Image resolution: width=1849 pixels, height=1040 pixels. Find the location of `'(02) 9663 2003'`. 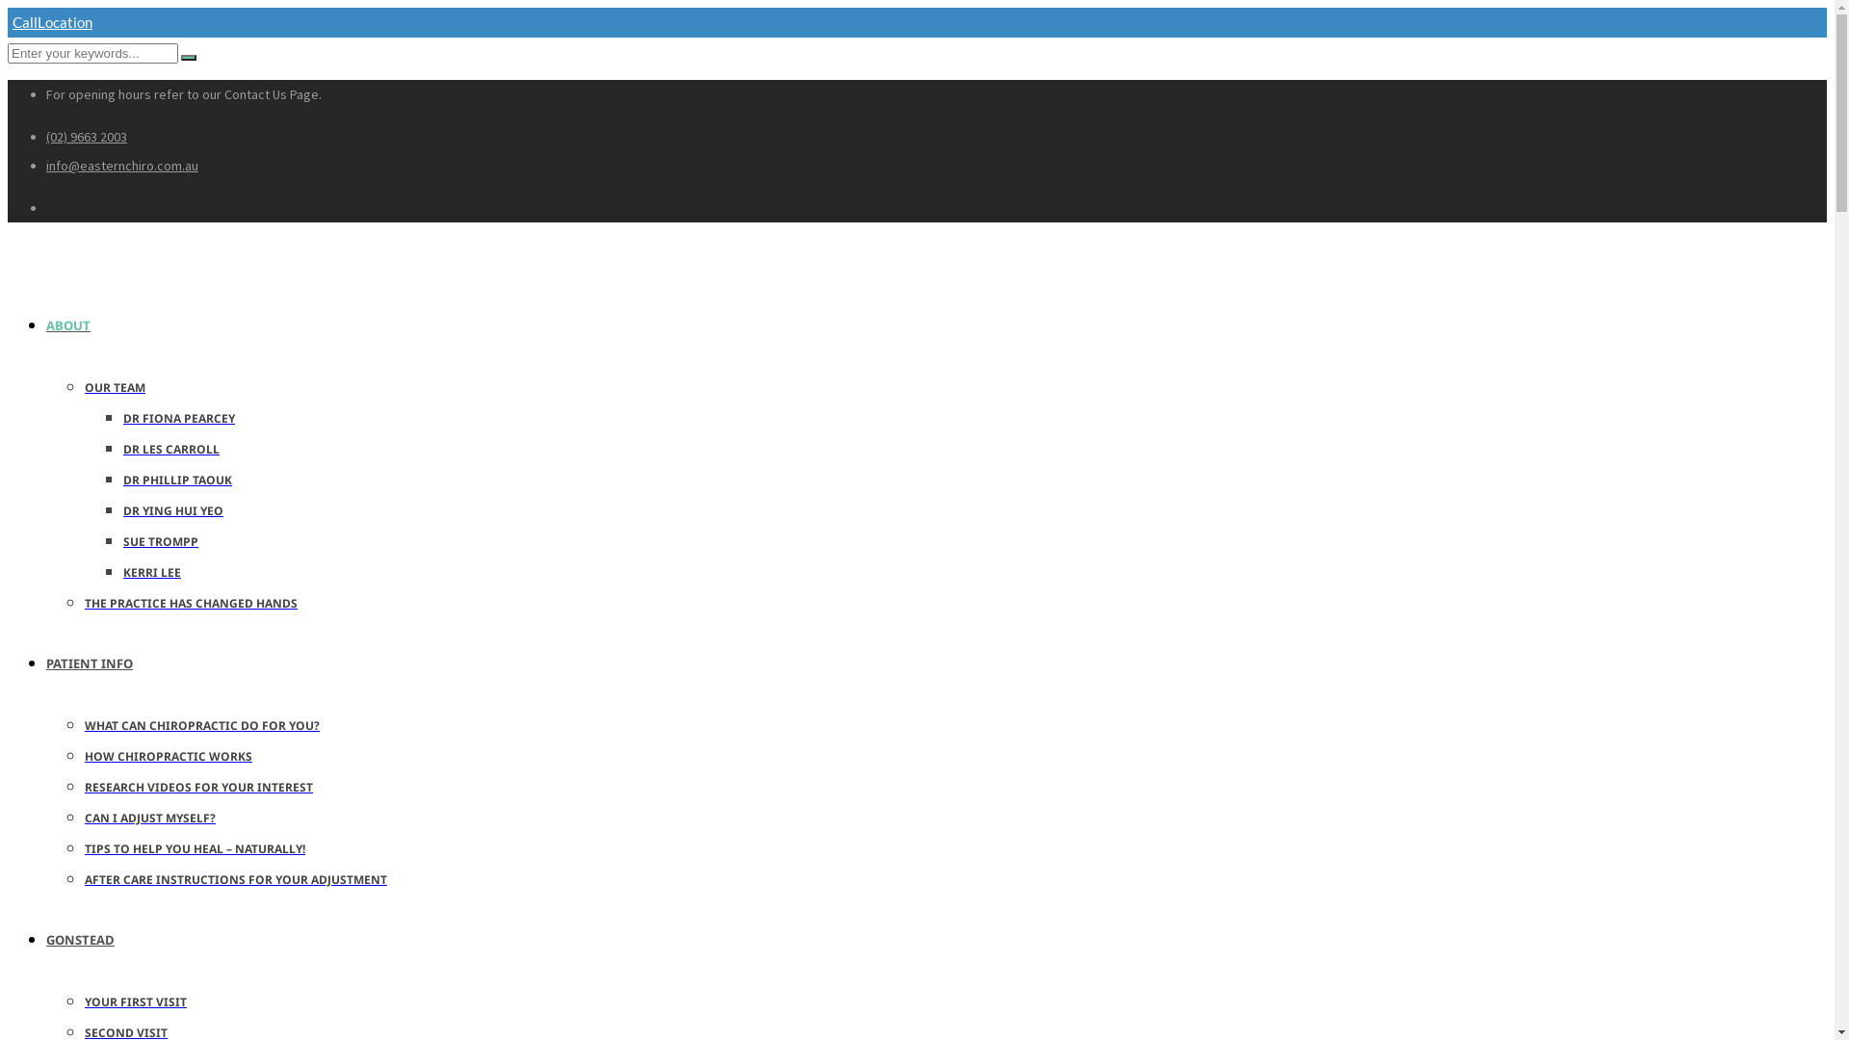

'(02) 9663 2003' is located at coordinates (46, 136).